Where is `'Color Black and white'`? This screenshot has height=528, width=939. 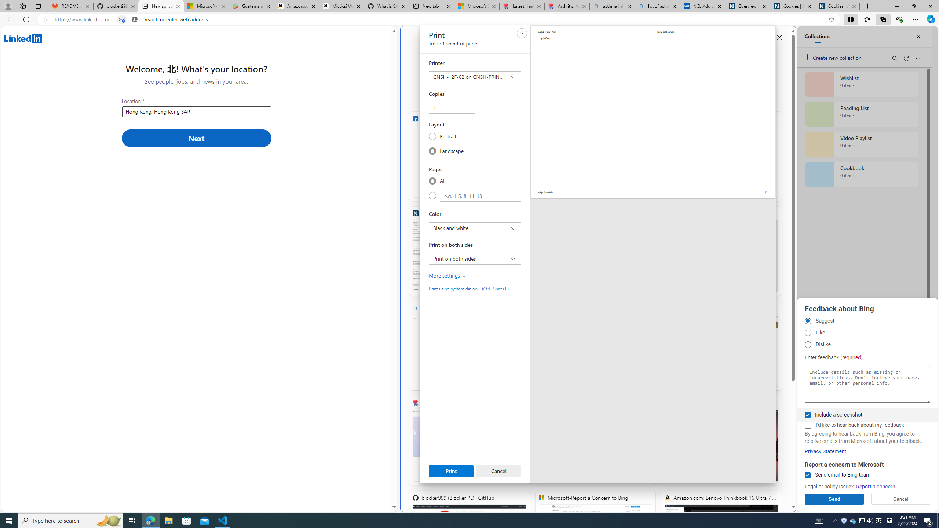
'Color Black and white' is located at coordinates (475, 228).